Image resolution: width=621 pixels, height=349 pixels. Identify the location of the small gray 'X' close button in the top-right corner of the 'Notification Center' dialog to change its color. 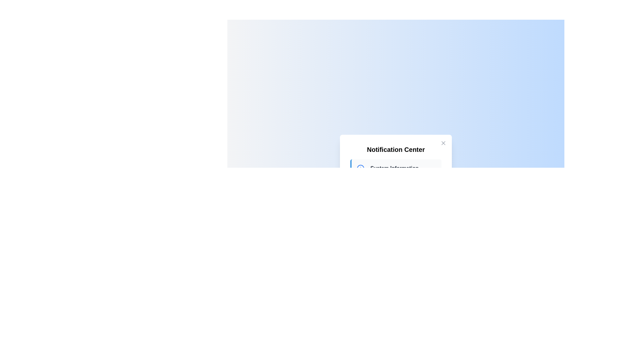
(443, 143).